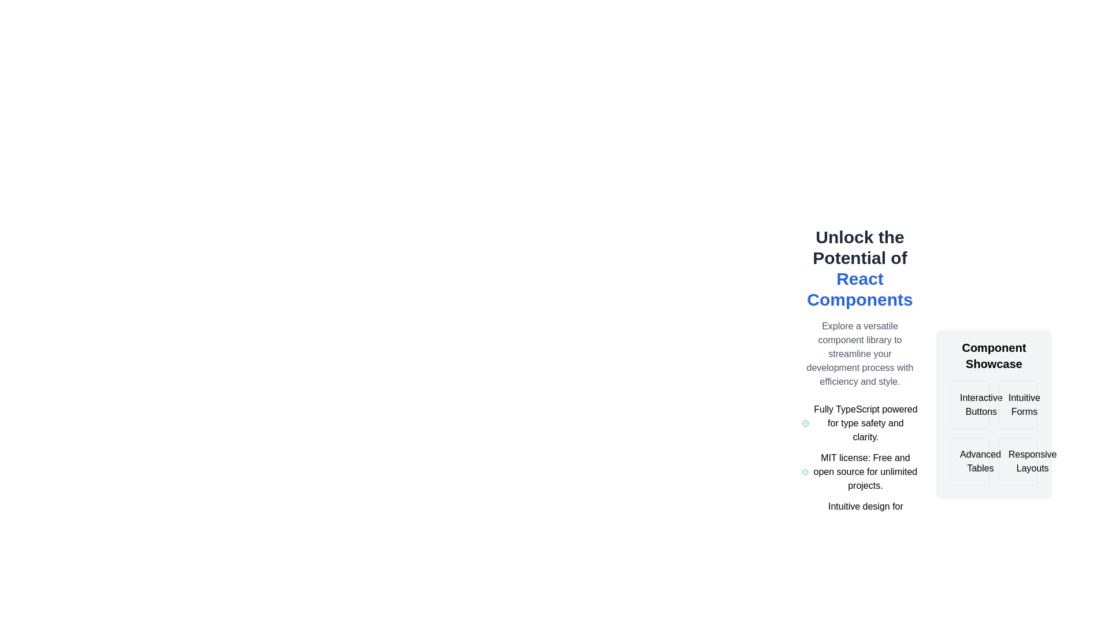  What do you see at coordinates (1007, 460) in the screenshot?
I see `the star icon located within the 'Responsive Layouts' button in the 'Component Showcase' area to indicate its interactivity or importance` at bounding box center [1007, 460].